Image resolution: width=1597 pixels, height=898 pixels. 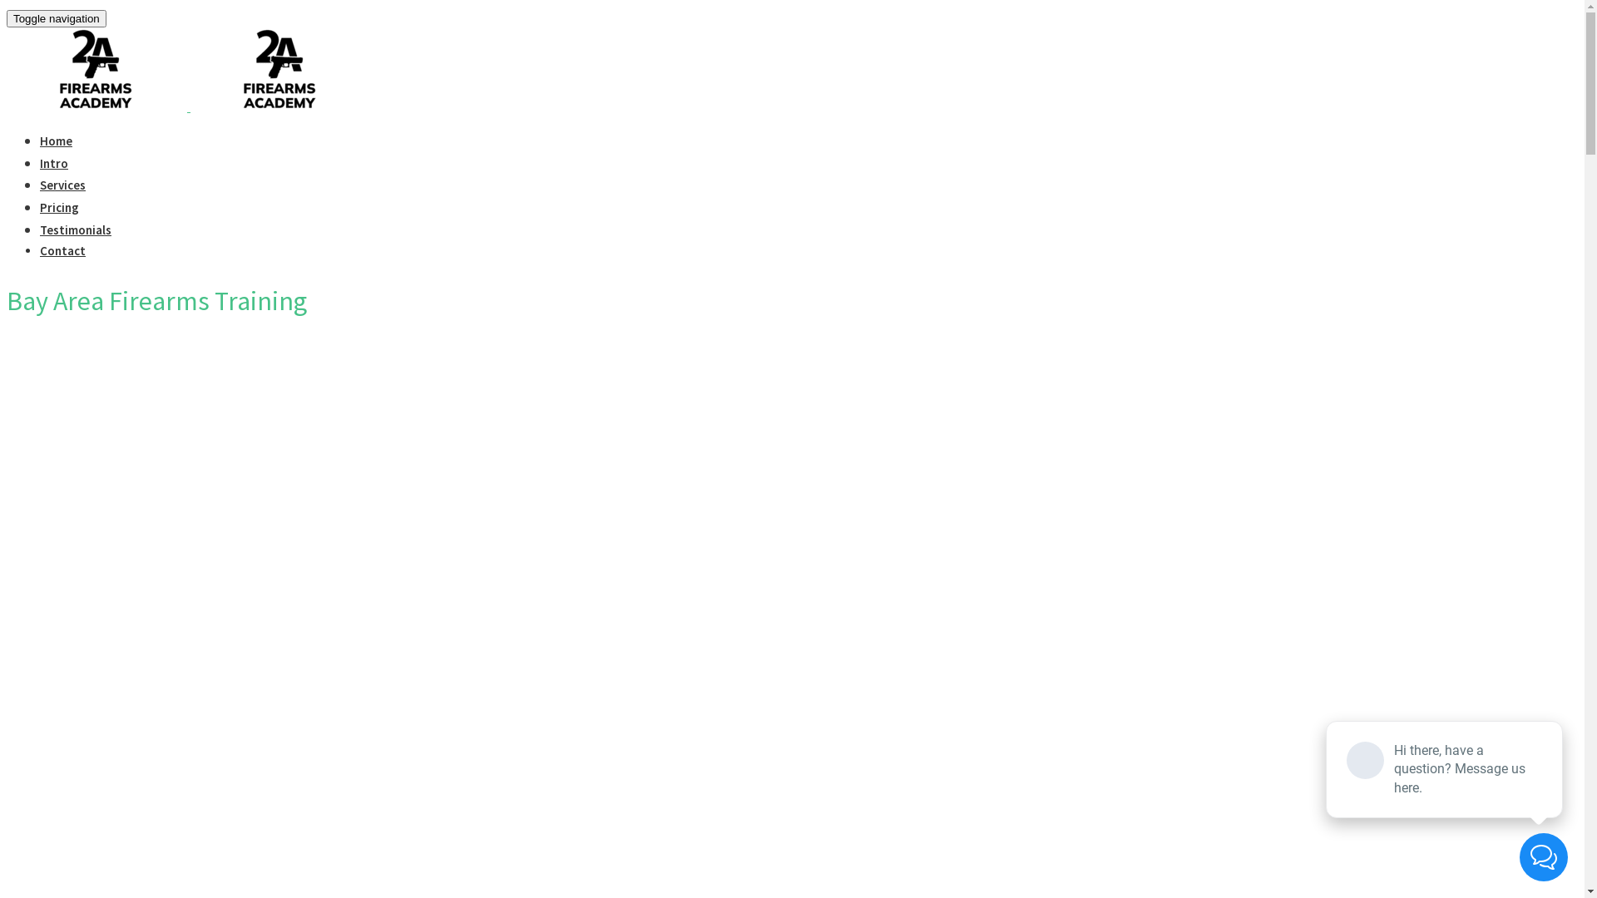 What do you see at coordinates (62, 185) in the screenshot?
I see `'Services'` at bounding box center [62, 185].